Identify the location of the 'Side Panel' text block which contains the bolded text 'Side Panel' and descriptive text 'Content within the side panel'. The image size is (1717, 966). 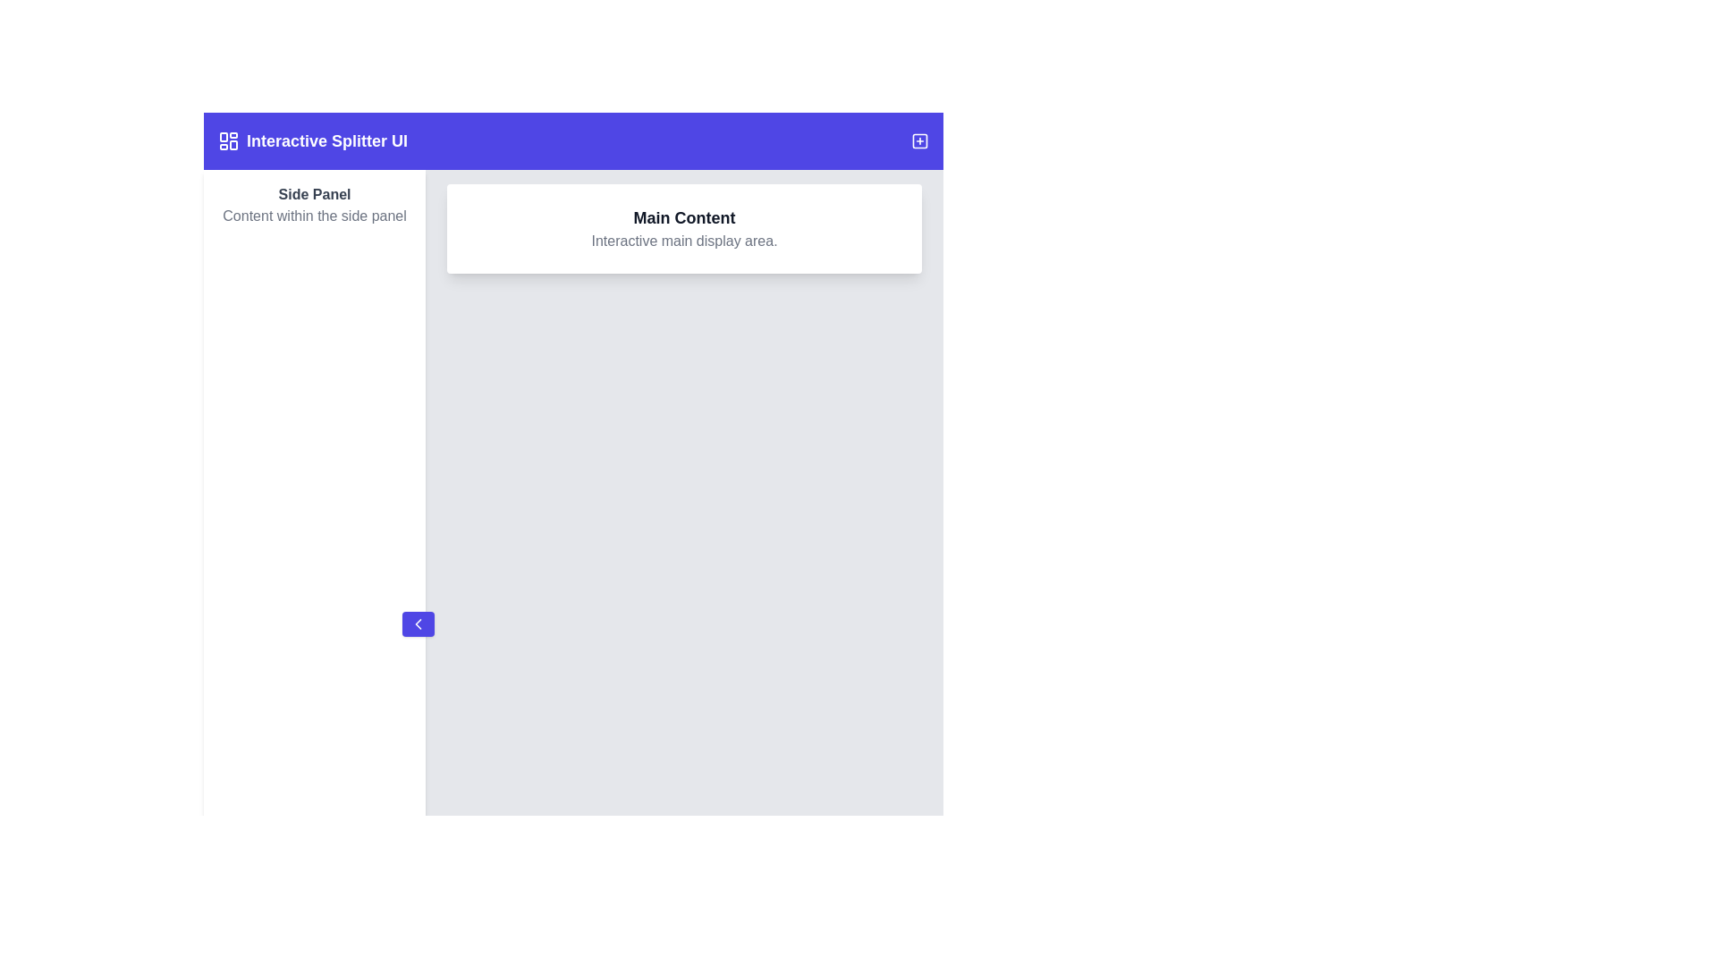
(314, 205).